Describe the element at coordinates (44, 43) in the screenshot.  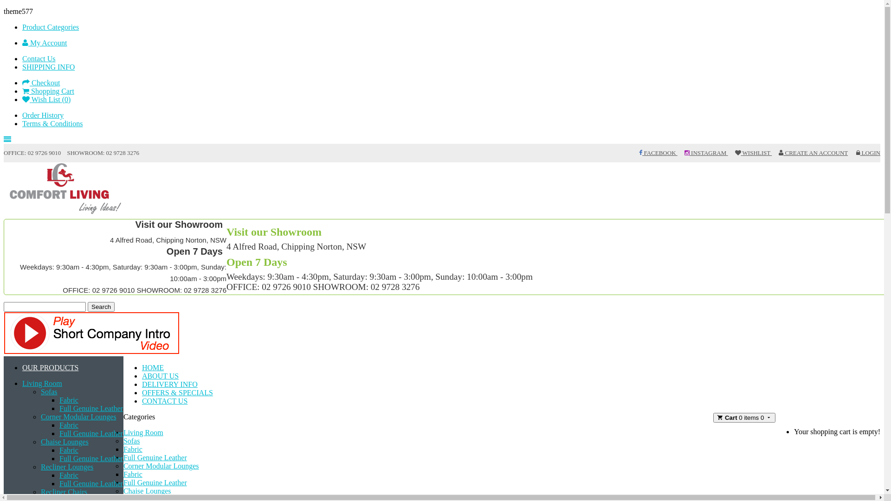
I see `'My Account'` at that location.